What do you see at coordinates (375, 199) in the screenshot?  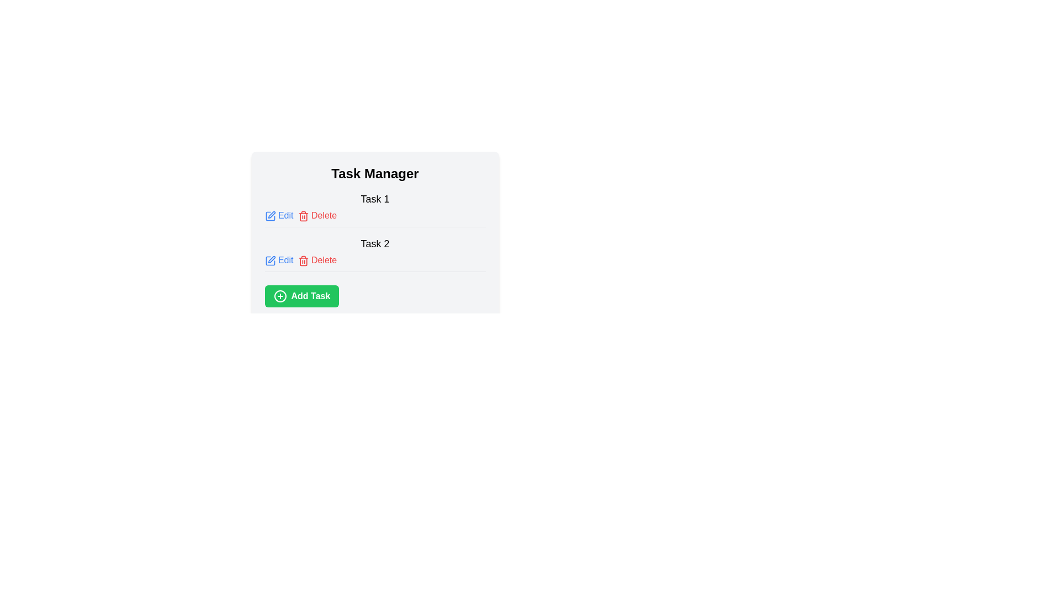 I see `the title text element of a task item in the task management list, which is positioned at the top-center of the interface, above the 'Edit' and 'Delete' options` at bounding box center [375, 199].